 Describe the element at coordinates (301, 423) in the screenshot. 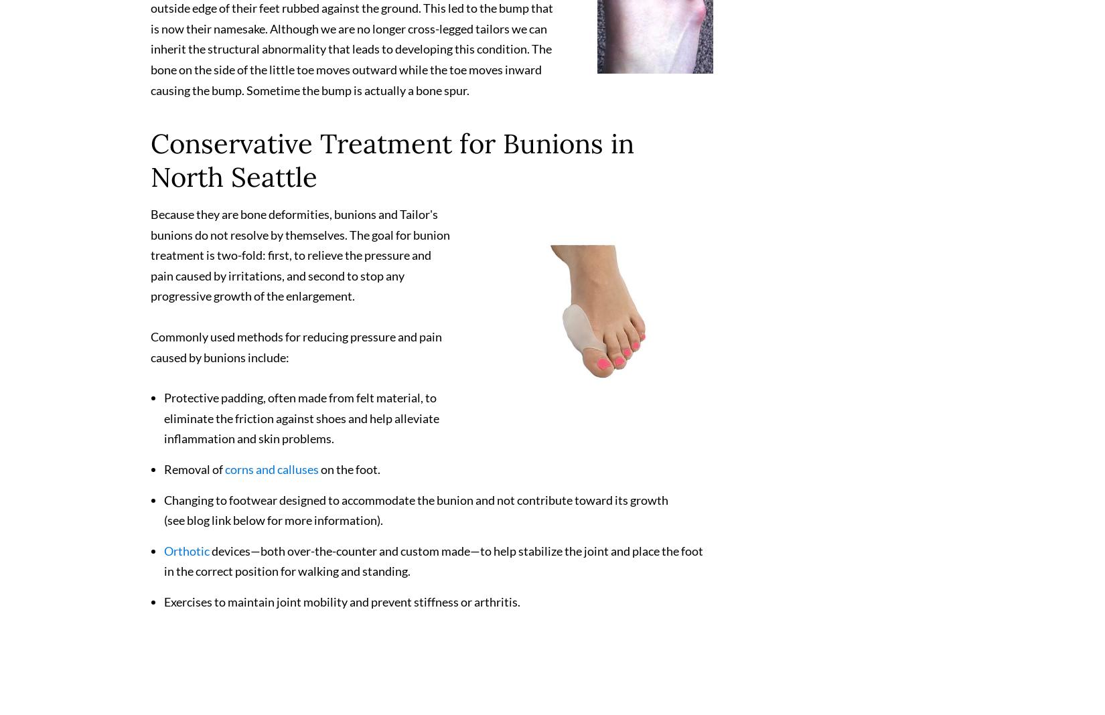

I see `'Protective padding, often made from felt material, to eliminate the friction against shoes and help alleviate inflammation and skin problems.'` at that location.